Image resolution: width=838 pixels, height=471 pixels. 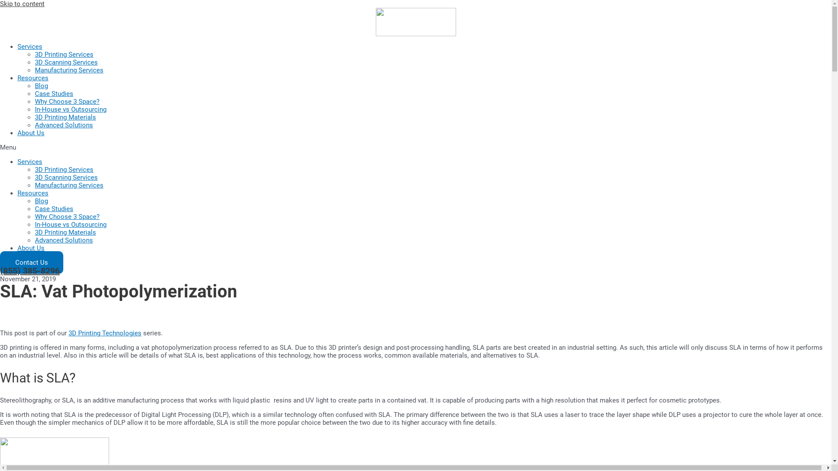 I want to click on 'Contact Us', so click(x=31, y=262).